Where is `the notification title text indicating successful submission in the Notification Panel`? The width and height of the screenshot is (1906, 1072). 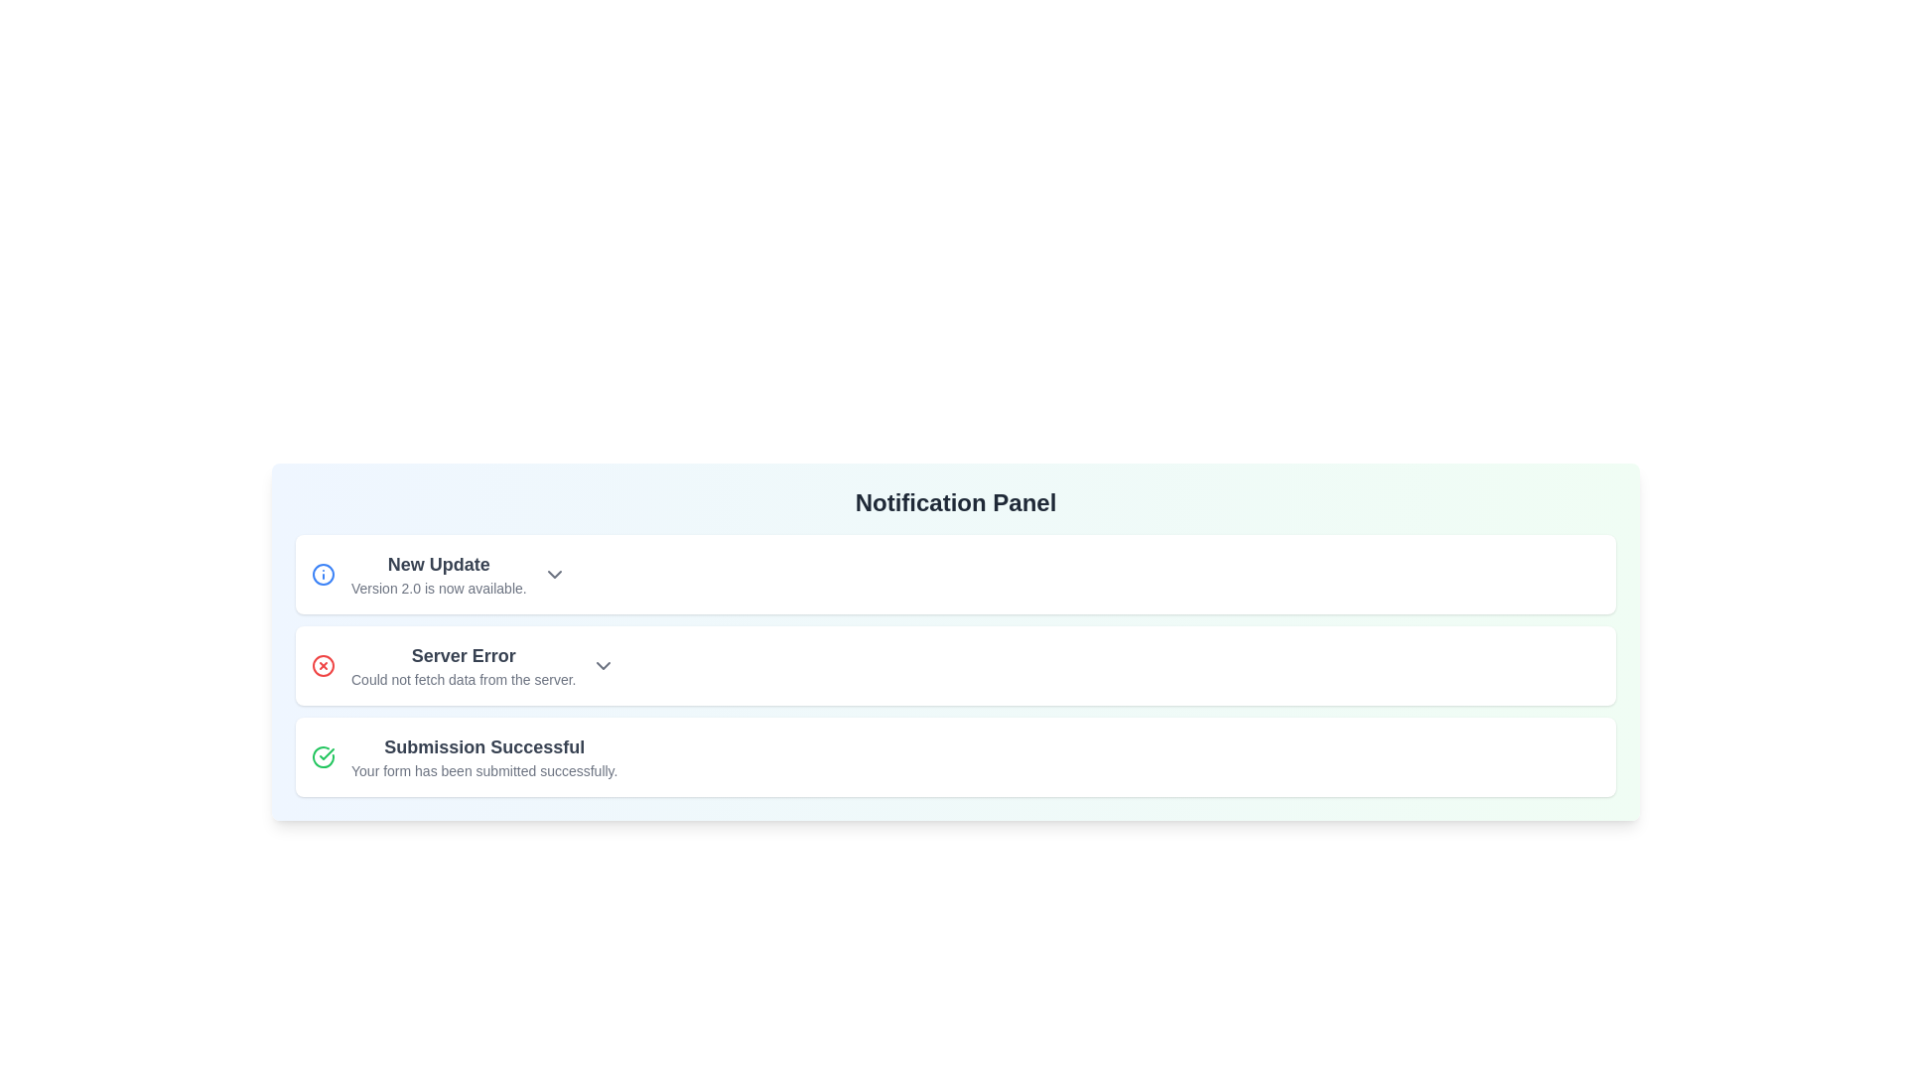 the notification title text indicating successful submission in the Notification Panel is located at coordinates (484, 746).